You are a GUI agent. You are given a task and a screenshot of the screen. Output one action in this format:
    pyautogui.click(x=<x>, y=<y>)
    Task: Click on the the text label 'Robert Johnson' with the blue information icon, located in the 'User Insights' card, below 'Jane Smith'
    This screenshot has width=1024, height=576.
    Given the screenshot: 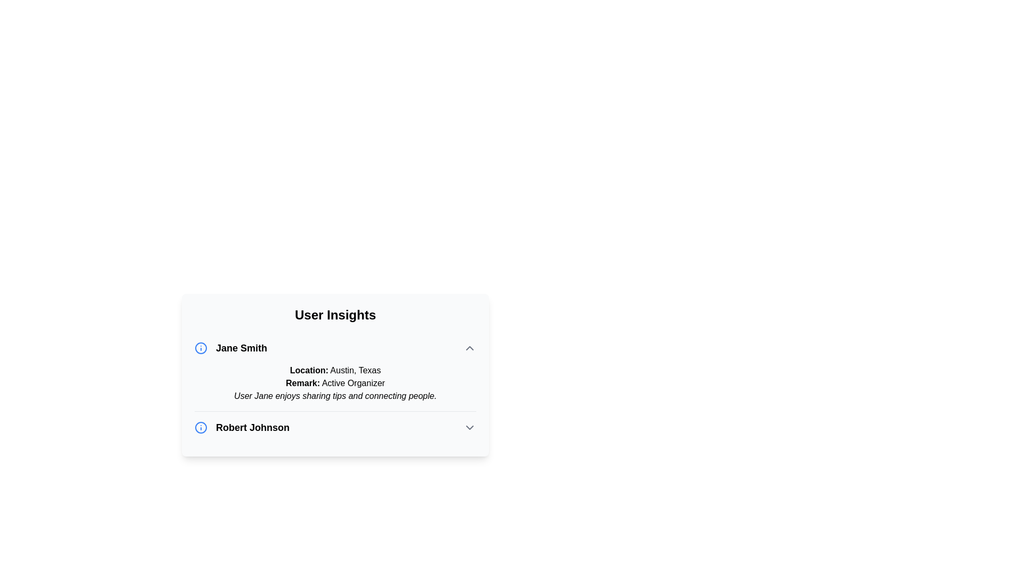 What is the action you would take?
    pyautogui.click(x=242, y=427)
    